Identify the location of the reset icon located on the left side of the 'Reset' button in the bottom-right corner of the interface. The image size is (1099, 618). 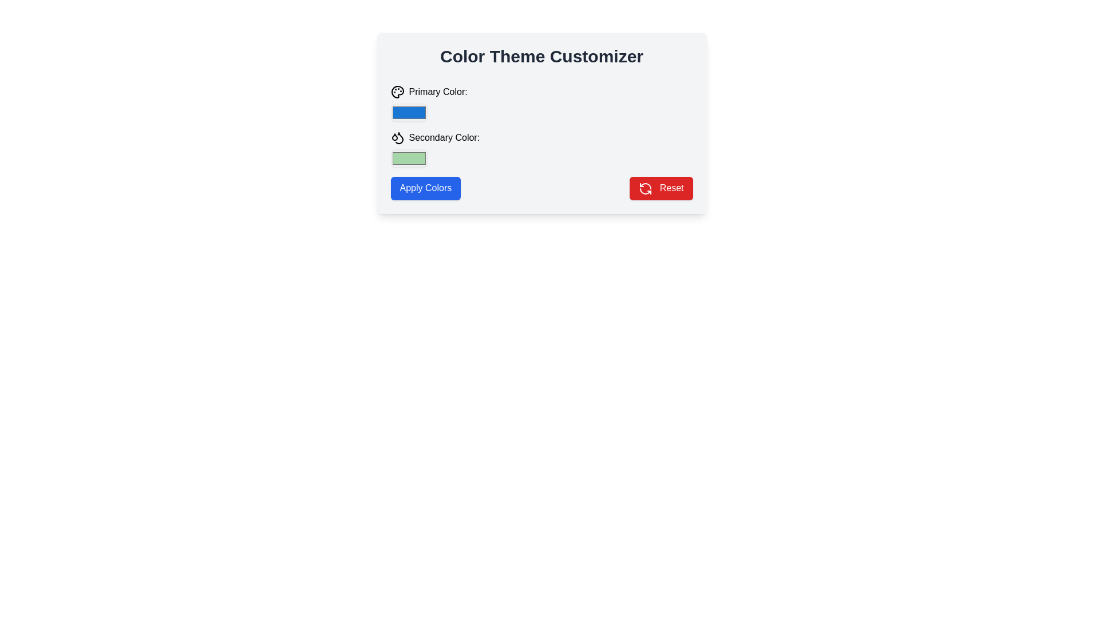
(646, 187).